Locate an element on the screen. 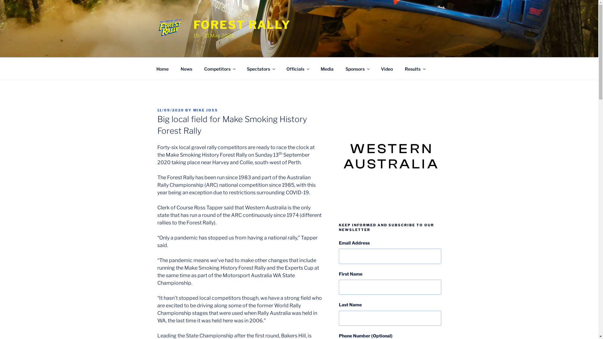 This screenshot has width=603, height=339. 'Sponsors' is located at coordinates (357, 68).